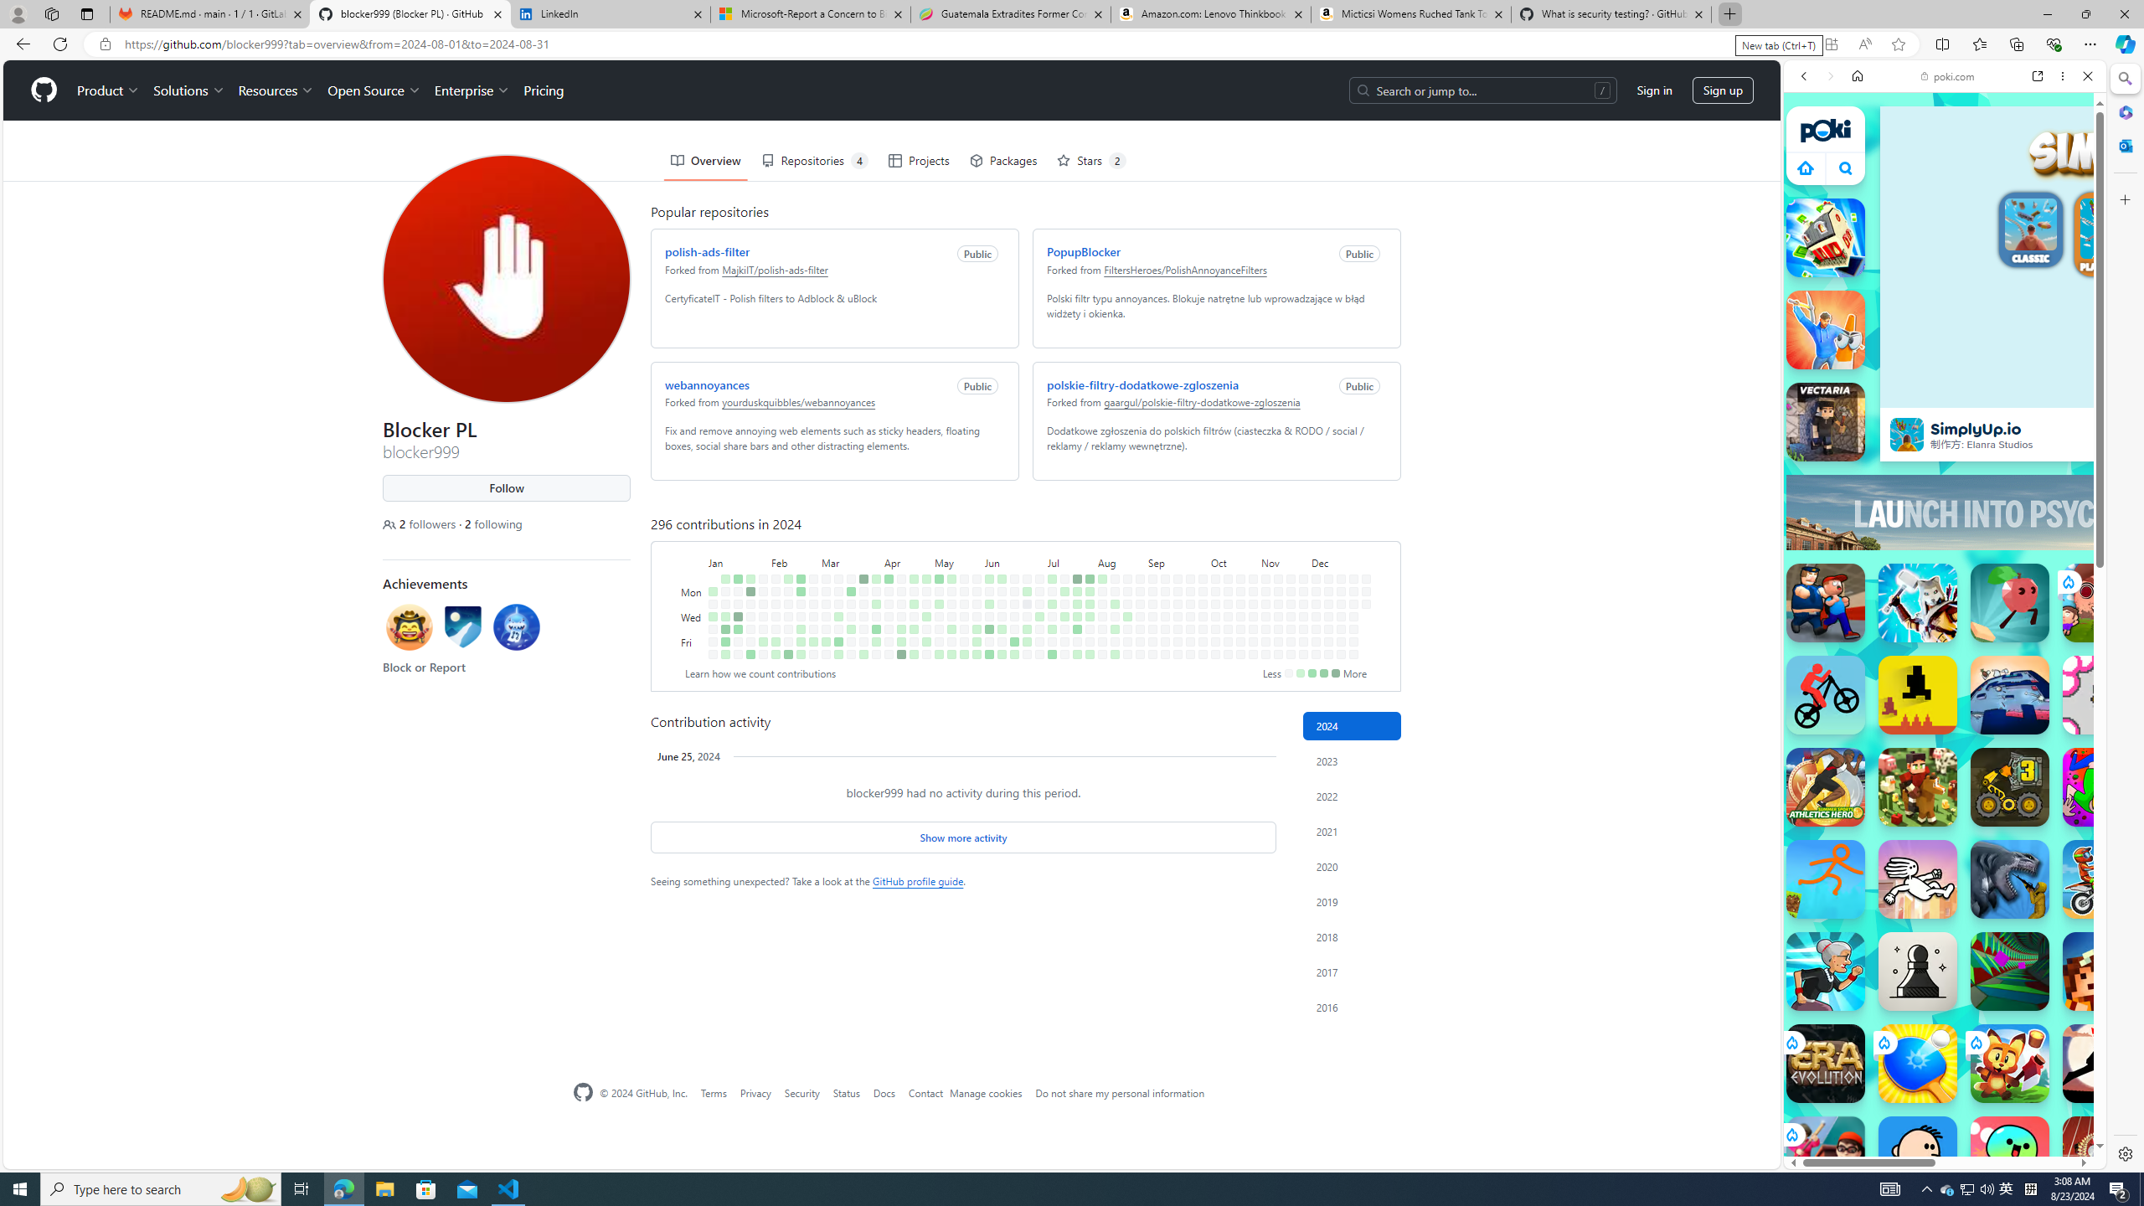 The height and width of the screenshot is (1206, 2144). I want to click on 'SEARCH TOOLS', so click(1987, 192).